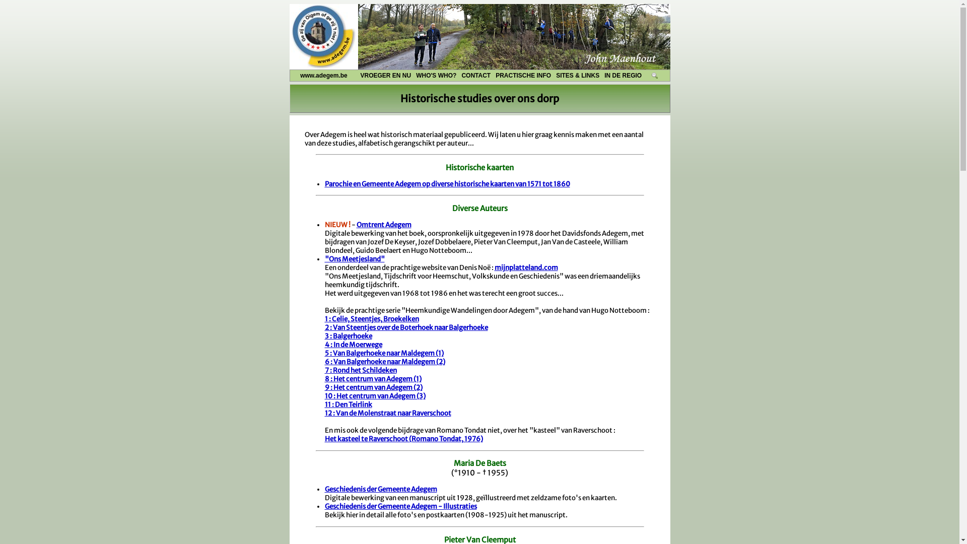 The height and width of the screenshot is (544, 967). What do you see at coordinates (403, 438) in the screenshot?
I see `'Het kasteel te Raverschoot (Romano Tondat, 1976)'` at bounding box center [403, 438].